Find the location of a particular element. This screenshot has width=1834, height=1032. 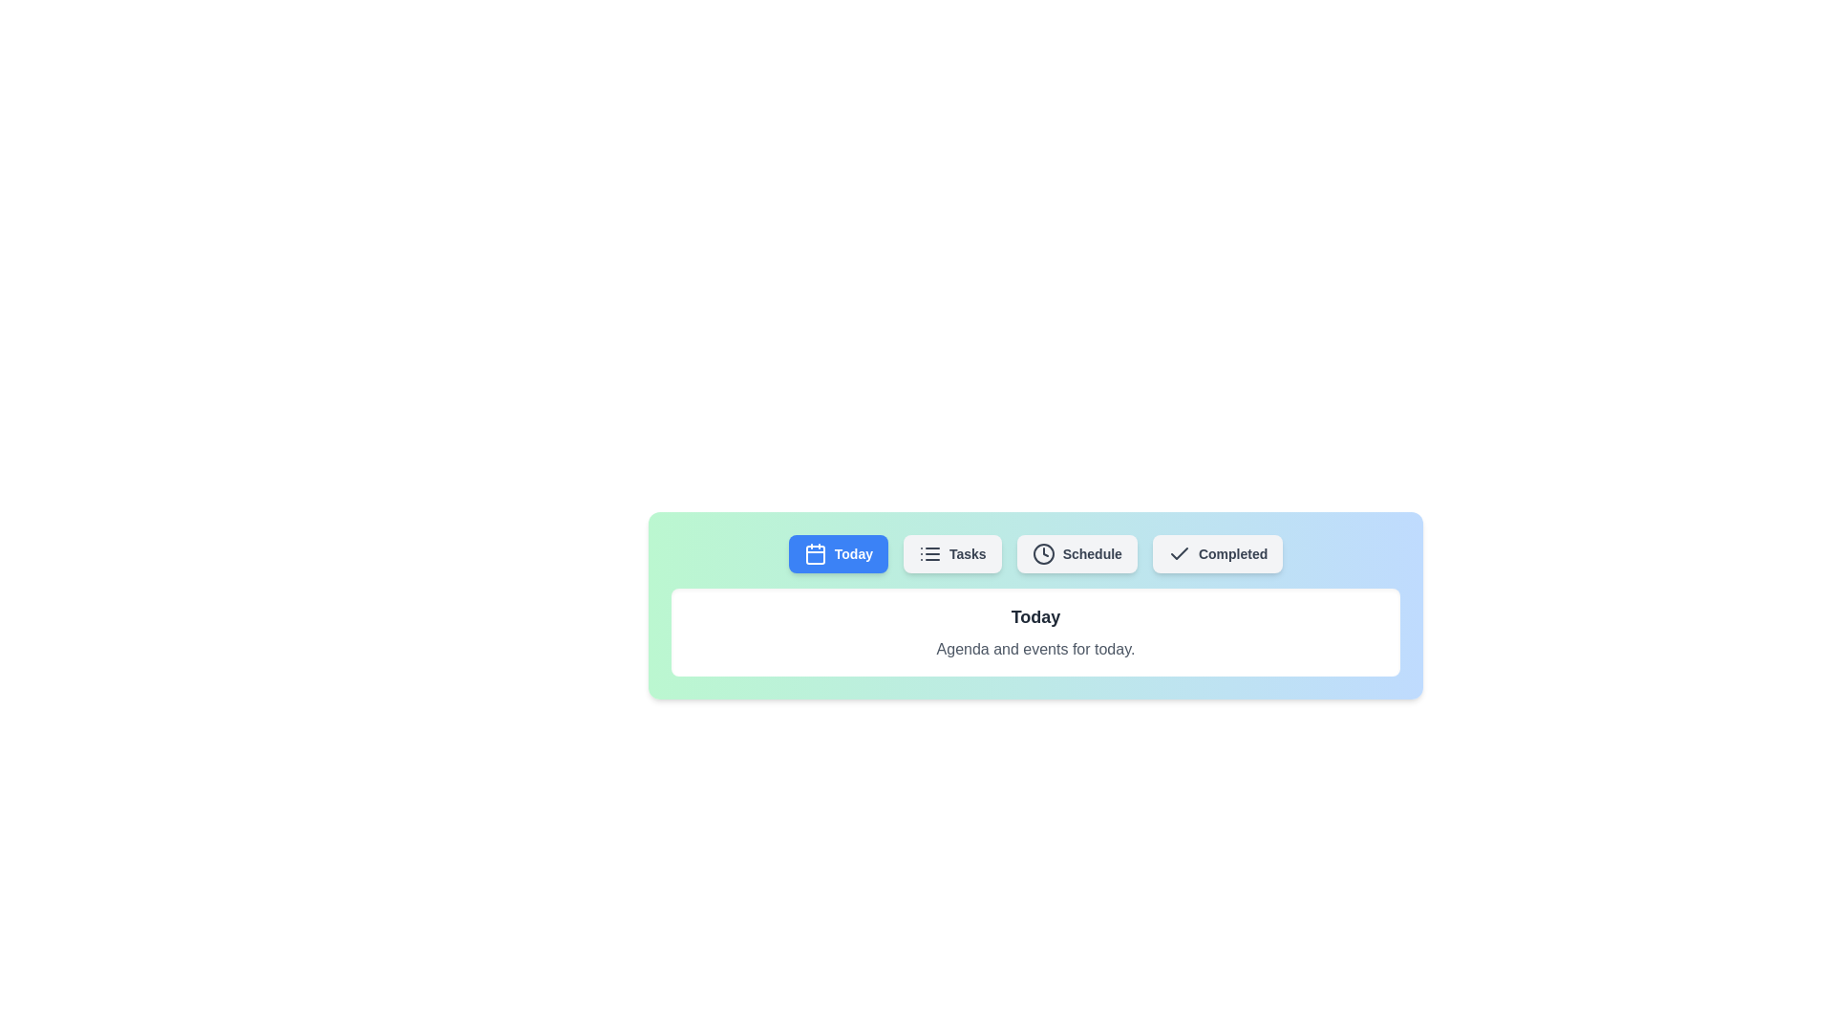

the Tasks tab to switch to its view is located at coordinates (952, 553).